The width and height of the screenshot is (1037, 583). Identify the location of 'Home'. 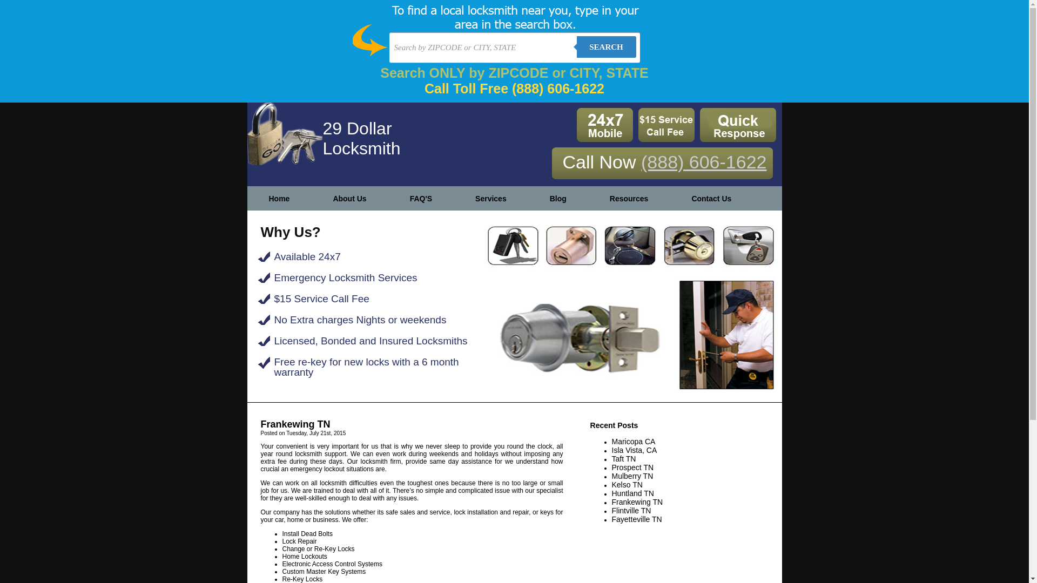
(279, 198).